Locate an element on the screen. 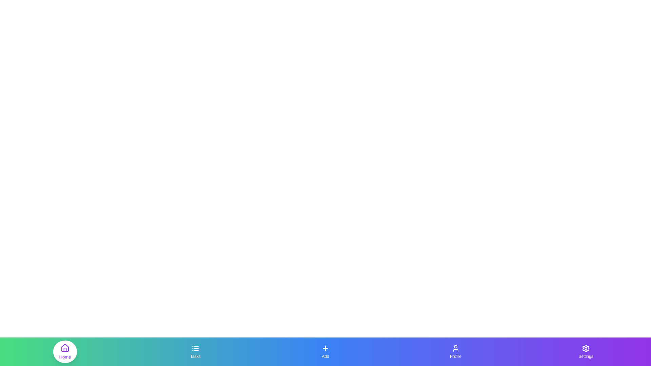 The width and height of the screenshot is (651, 366). the Tasks navigation tab to change the active section is located at coordinates (195, 351).